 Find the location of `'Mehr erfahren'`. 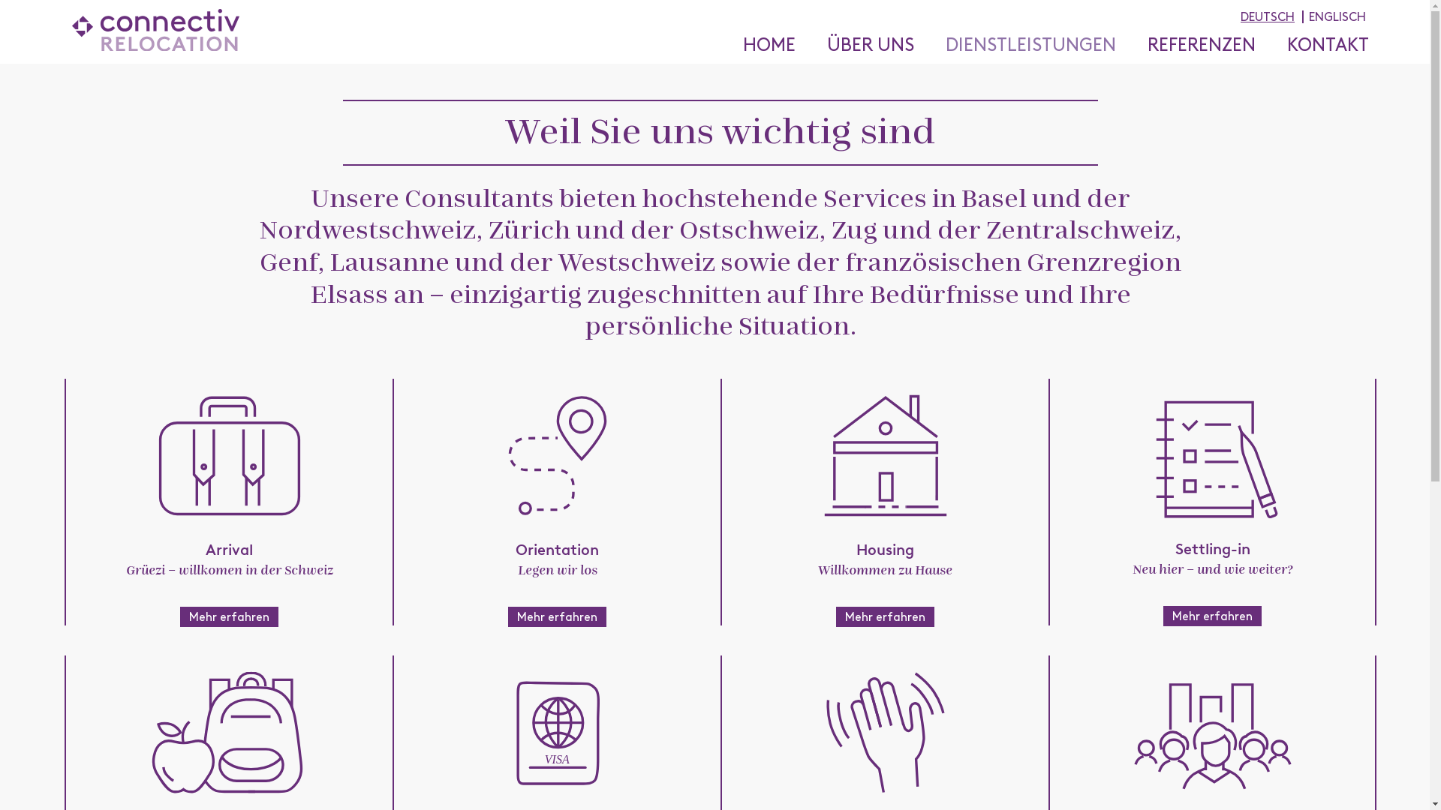

'Mehr erfahren' is located at coordinates (835, 616).